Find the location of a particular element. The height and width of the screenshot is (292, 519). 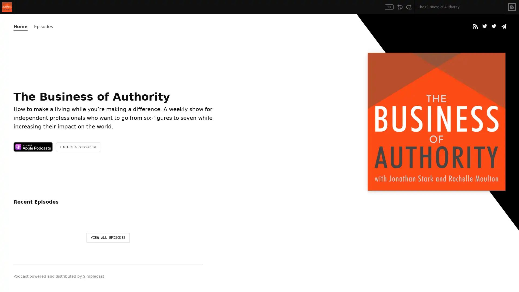

Fast Forward 15 Seconds is located at coordinates (409, 7).